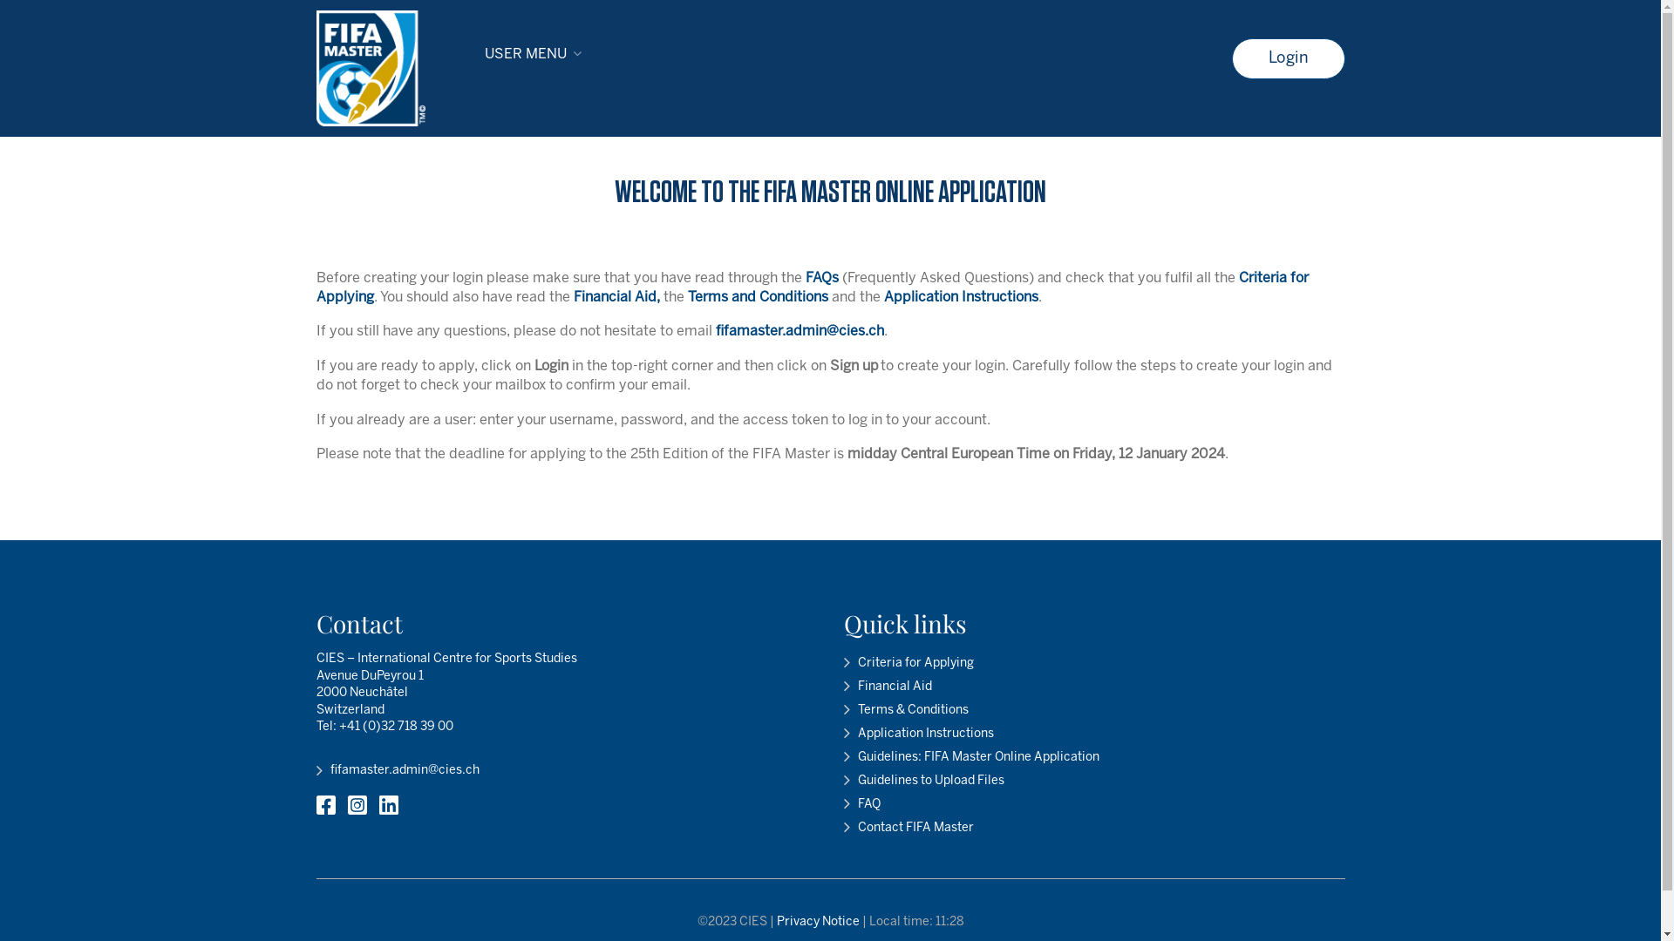 The height and width of the screenshot is (941, 1674). I want to click on 'fifamaster.admin@cies.ch', so click(798, 331).